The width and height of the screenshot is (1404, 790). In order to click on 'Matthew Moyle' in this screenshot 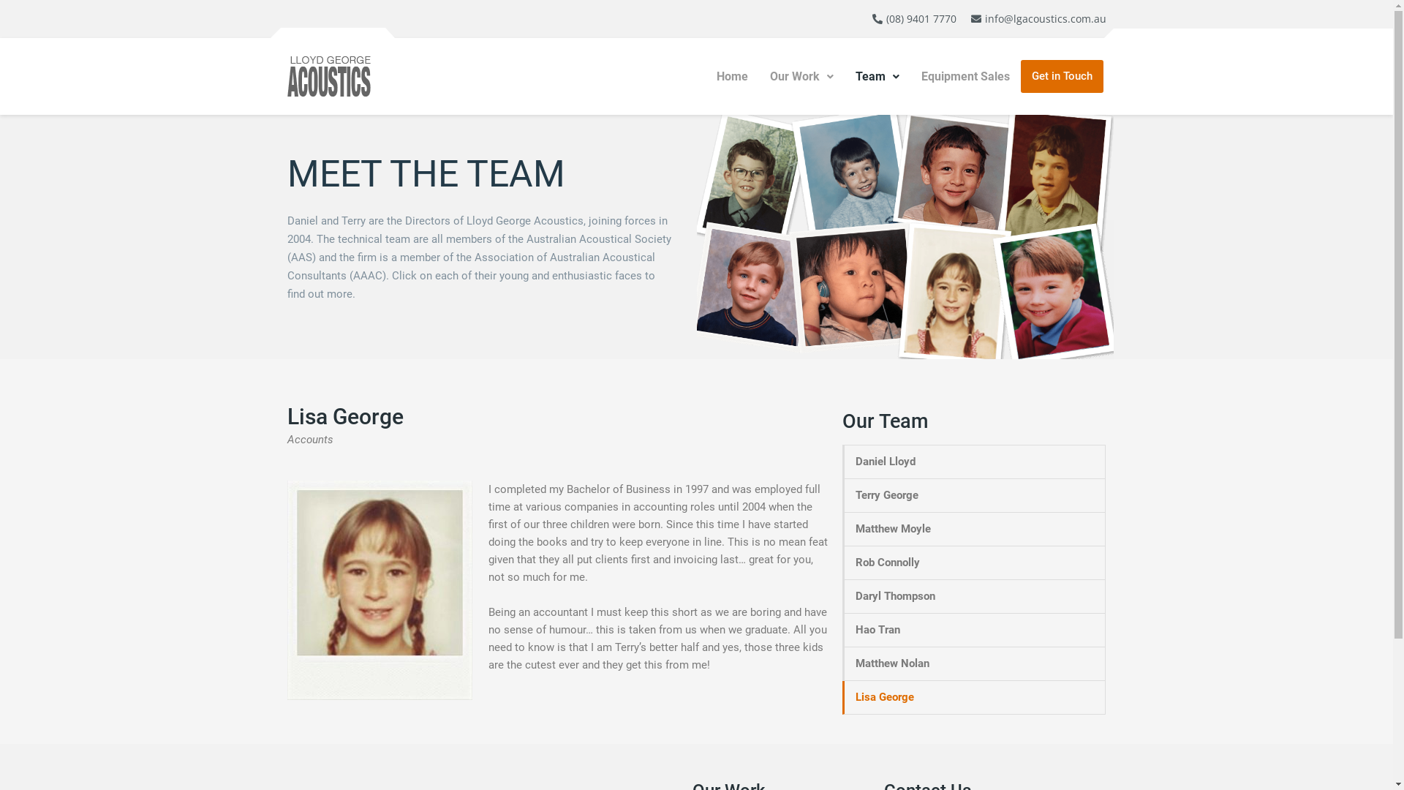, I will do `click(975, 529)`.